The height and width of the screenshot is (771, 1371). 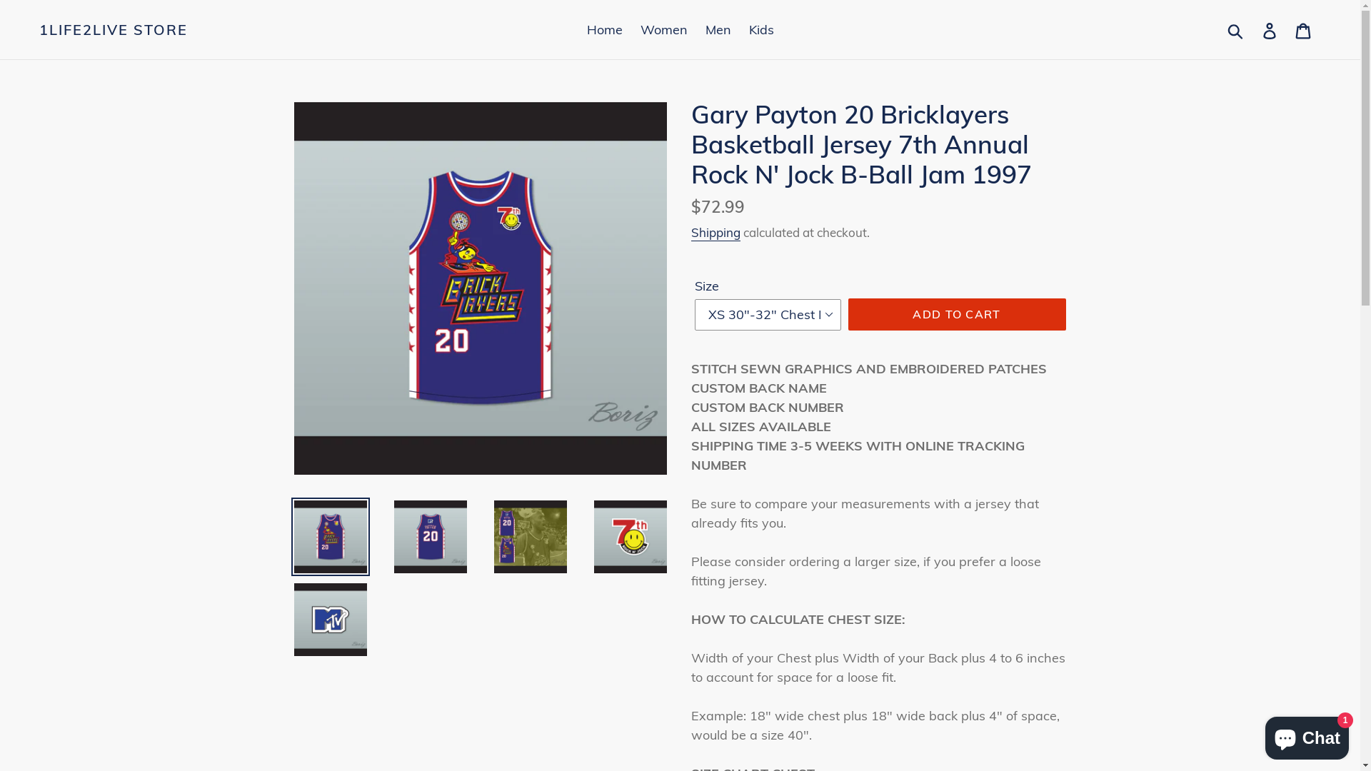 I want to click on 'Women', so click(x=663, y=29).